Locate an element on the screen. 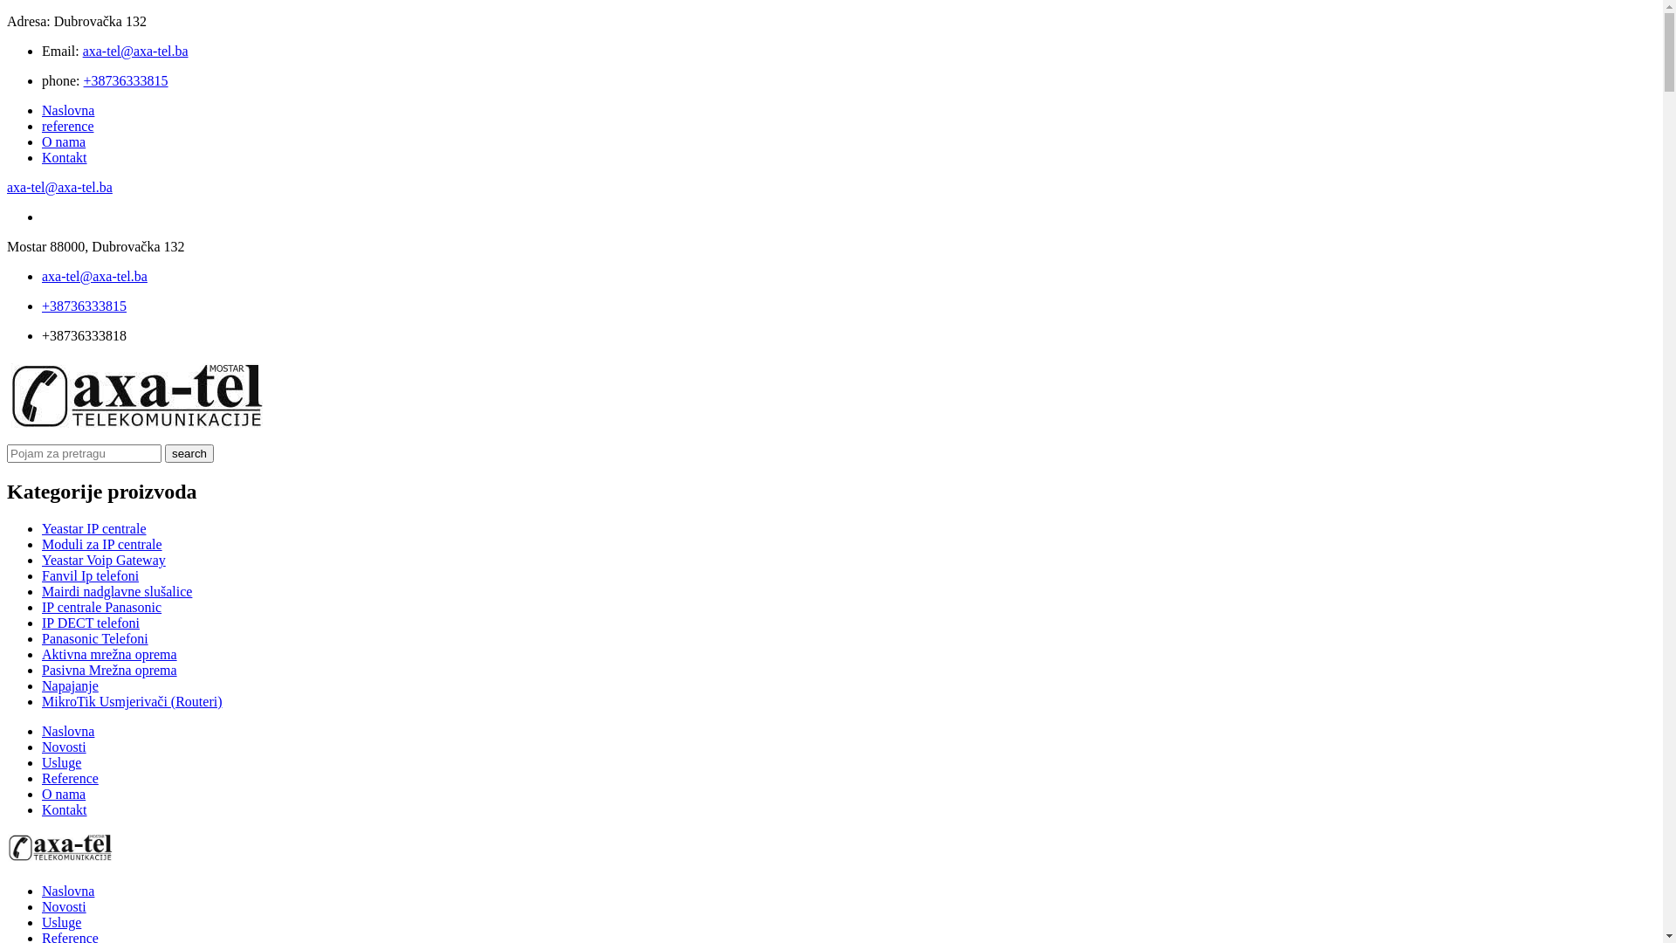 The height and width of the screenshot is (943, 1676). 'axa-tel@axa-tel.ba' is located at coordinates (7, 187).